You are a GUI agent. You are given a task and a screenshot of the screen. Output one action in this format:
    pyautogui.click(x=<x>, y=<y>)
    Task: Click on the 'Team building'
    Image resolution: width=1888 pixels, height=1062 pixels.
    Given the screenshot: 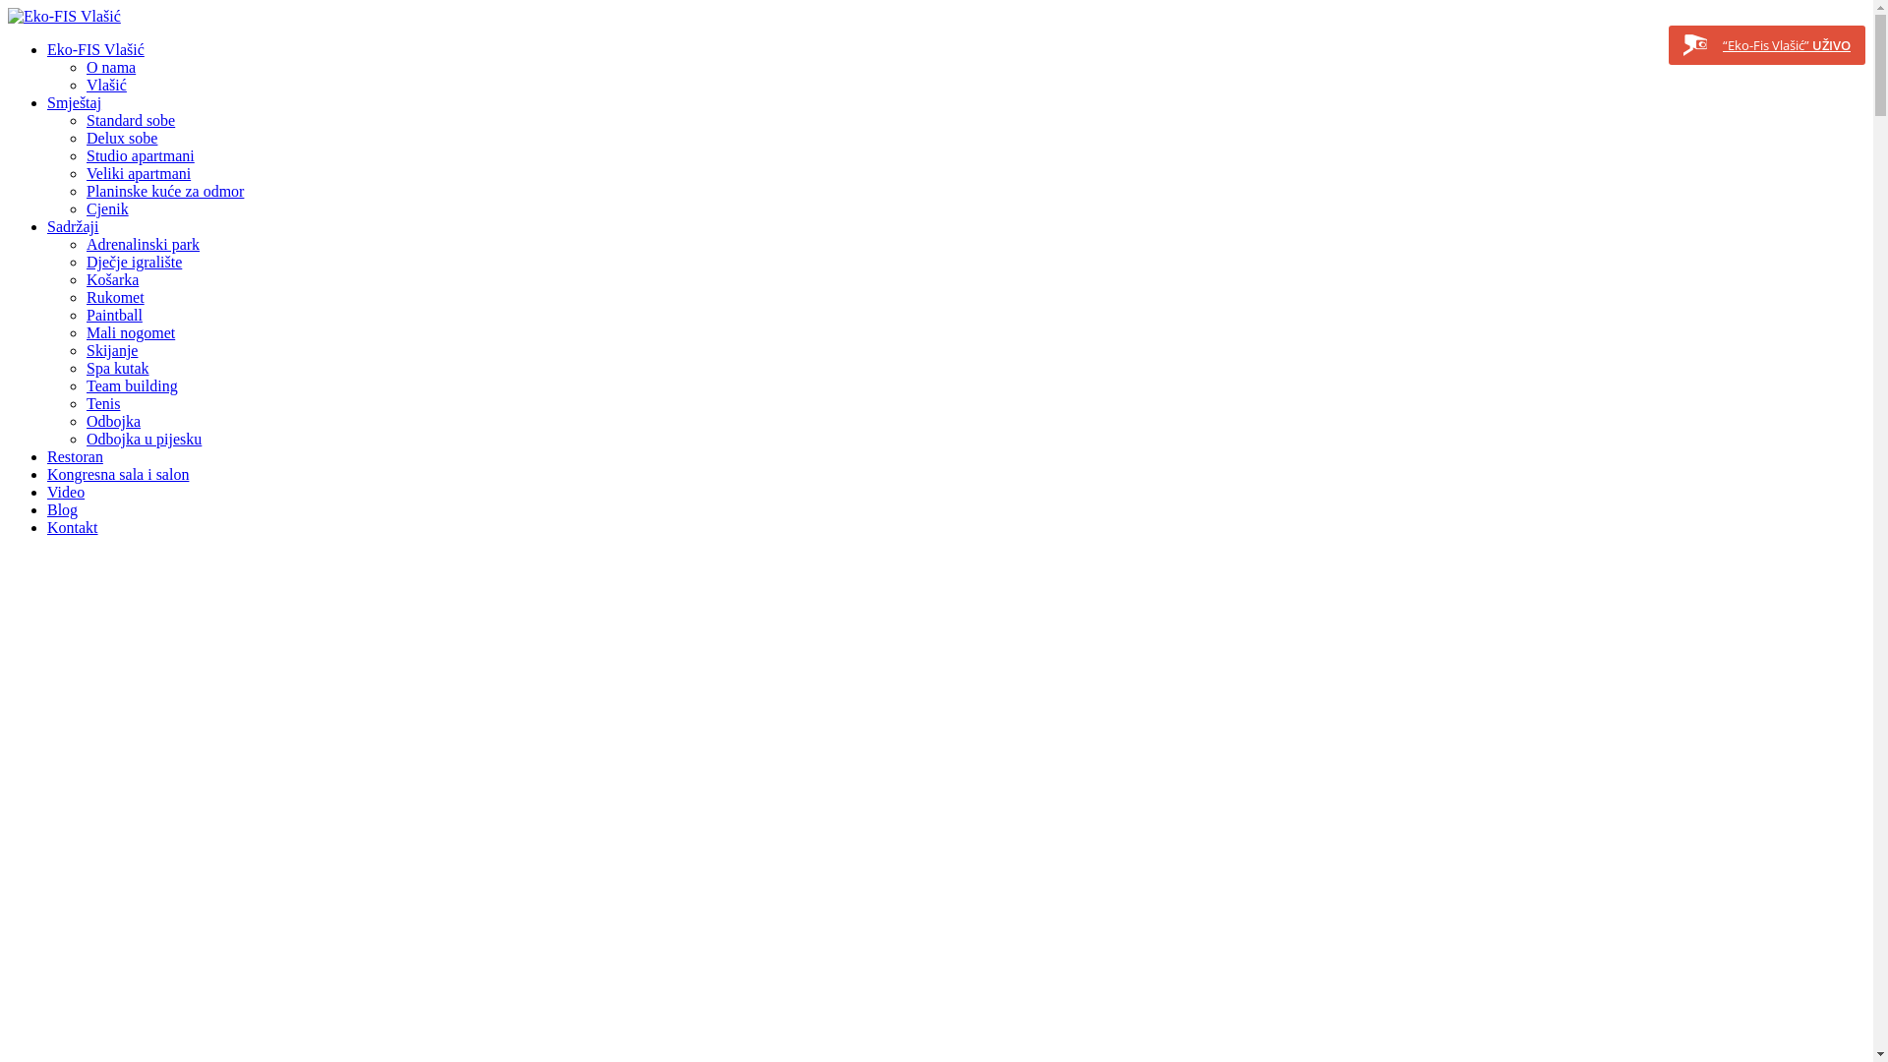 What is the action you would take?
    pyautogui.click(x=131, y=385)
    